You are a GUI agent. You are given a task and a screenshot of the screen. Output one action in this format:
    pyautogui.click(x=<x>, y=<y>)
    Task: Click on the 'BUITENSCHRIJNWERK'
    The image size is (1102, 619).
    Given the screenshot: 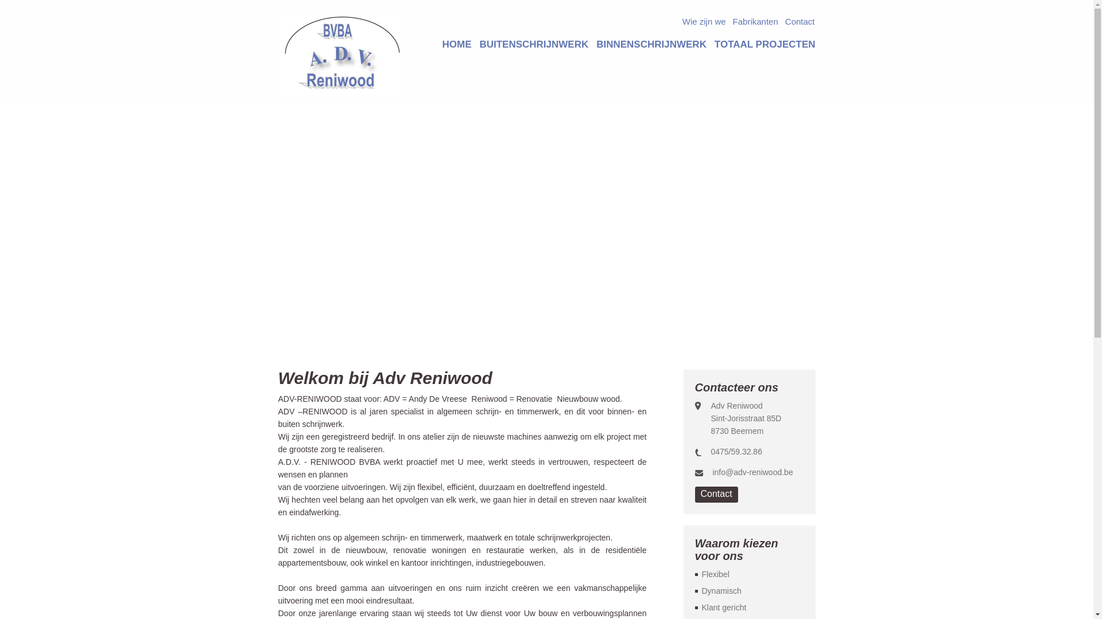 What is the action you would take?
    pyautogui.click(x=533, y=44)
    